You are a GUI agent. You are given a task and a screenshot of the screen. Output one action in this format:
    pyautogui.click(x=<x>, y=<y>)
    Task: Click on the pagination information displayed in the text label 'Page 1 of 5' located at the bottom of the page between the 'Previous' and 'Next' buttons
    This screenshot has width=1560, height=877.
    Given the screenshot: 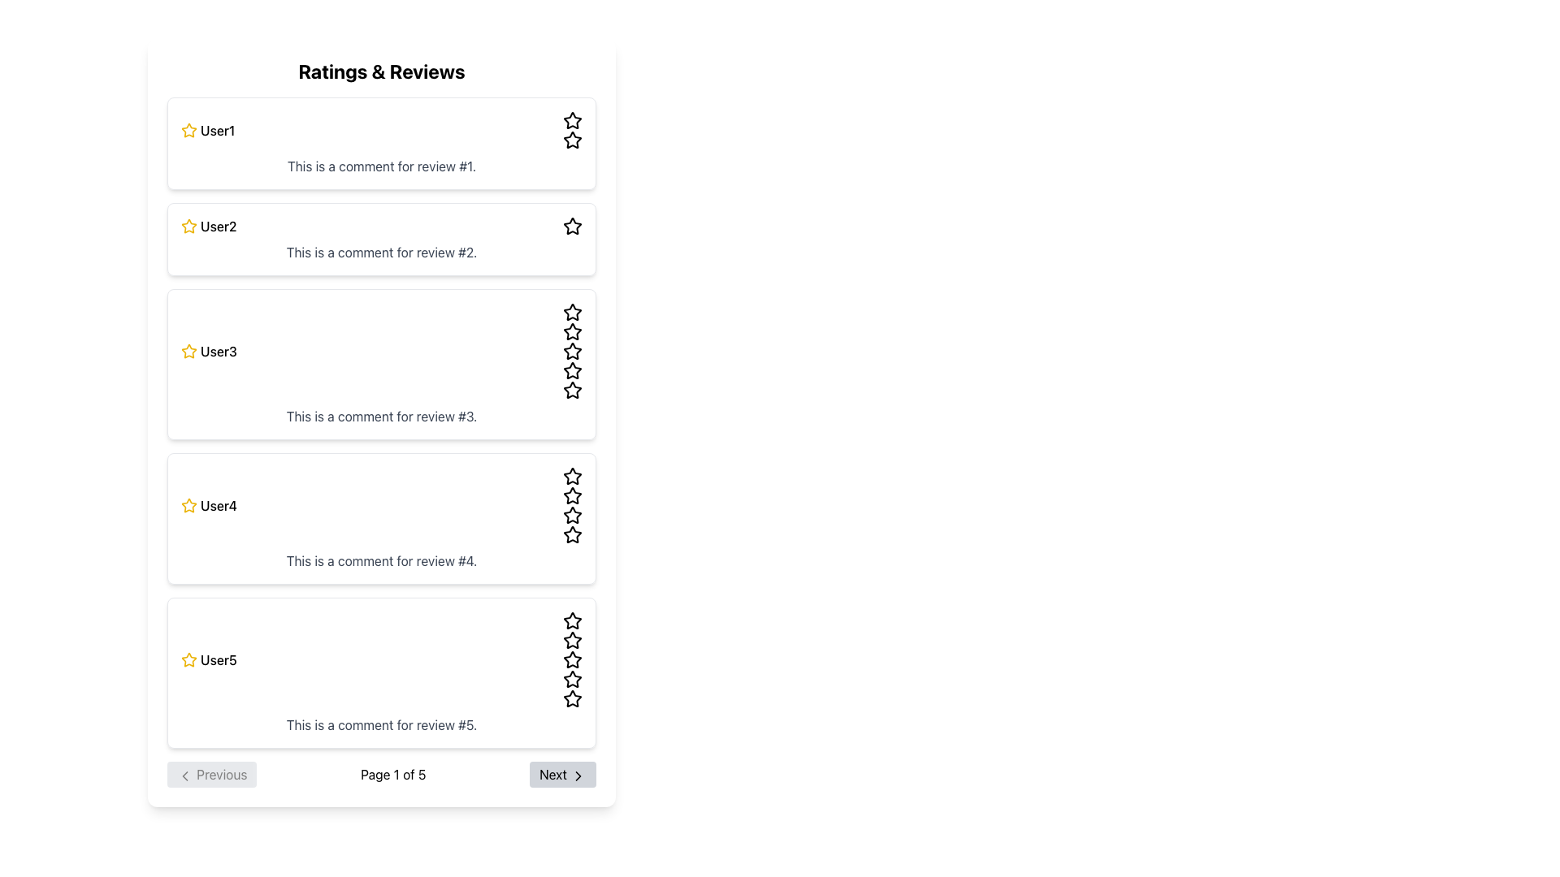 What is the action you would take?
    pyautogui.click(x=393, y=773)
    